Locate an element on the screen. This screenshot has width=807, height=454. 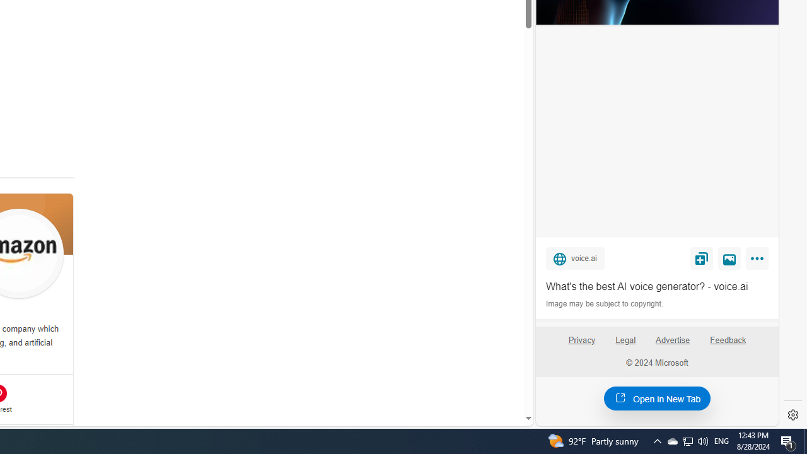
'Legal' is located at coordinates (625, 339).